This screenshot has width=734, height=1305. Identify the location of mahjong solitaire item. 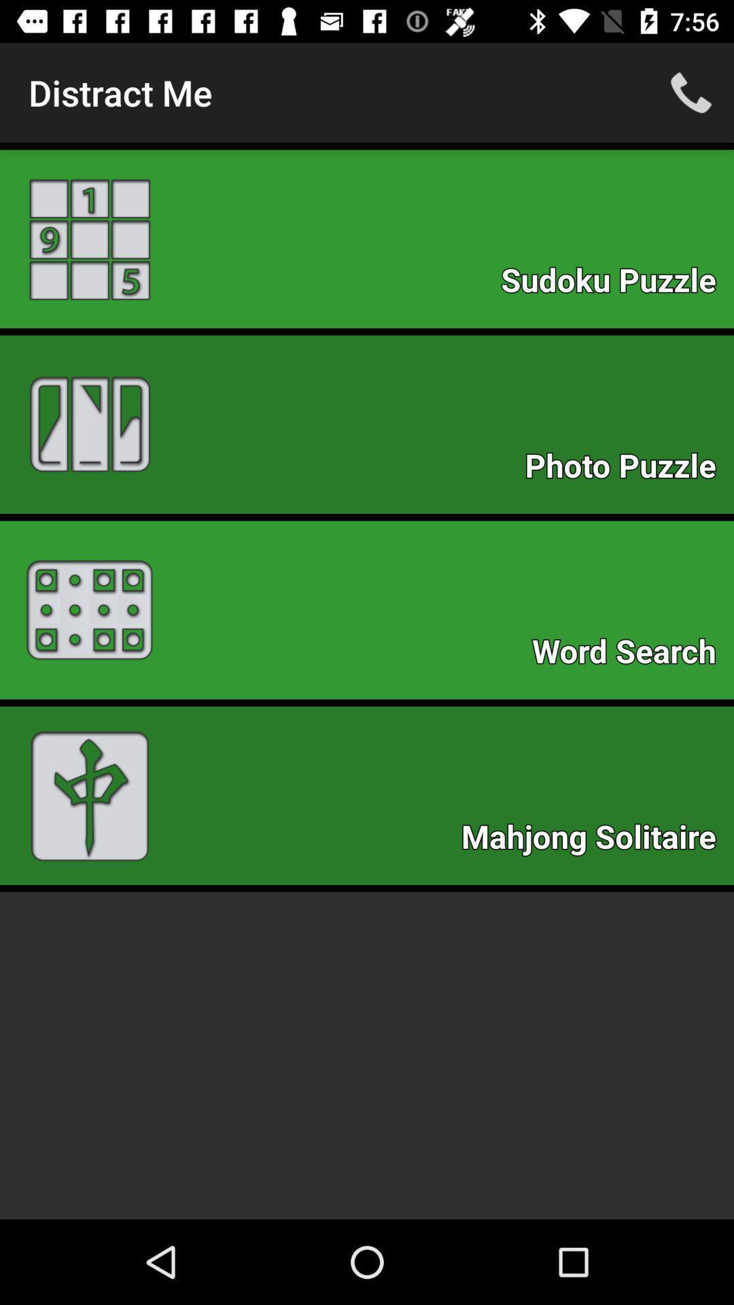
(595, 840).